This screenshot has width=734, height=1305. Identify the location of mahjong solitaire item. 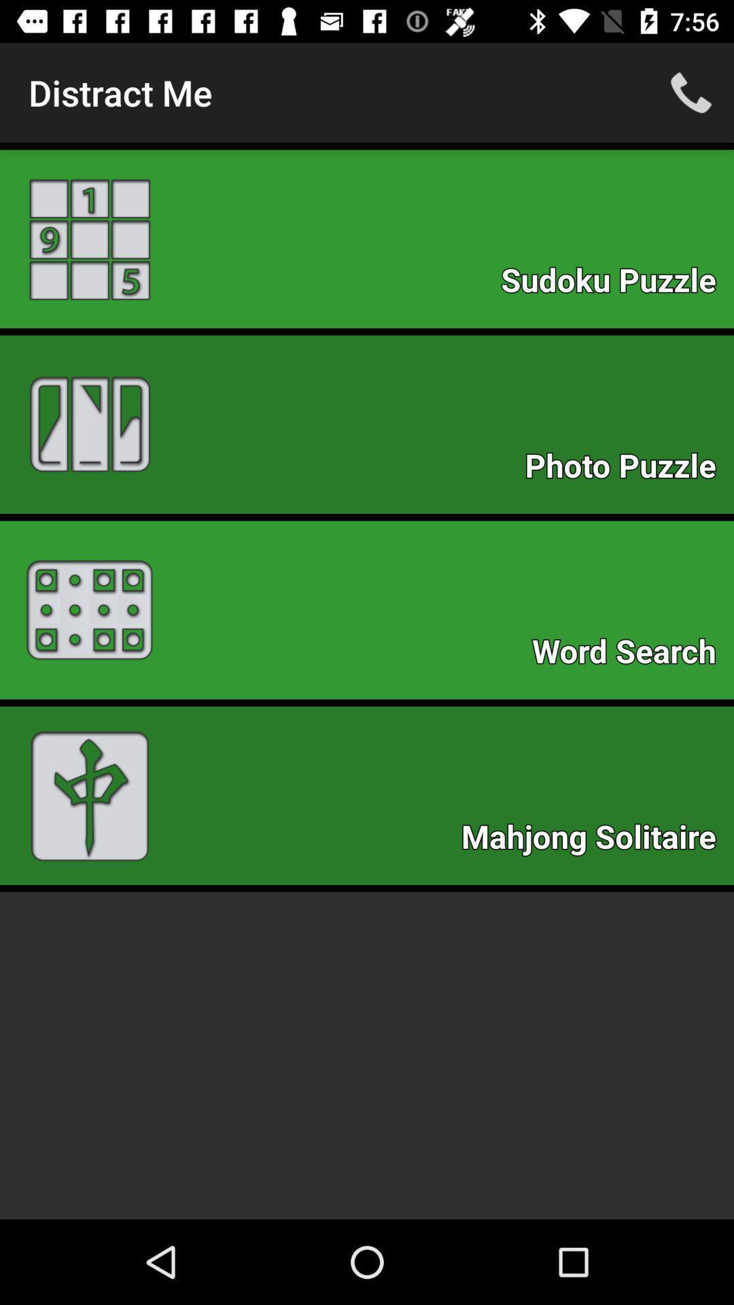
(595, 840).